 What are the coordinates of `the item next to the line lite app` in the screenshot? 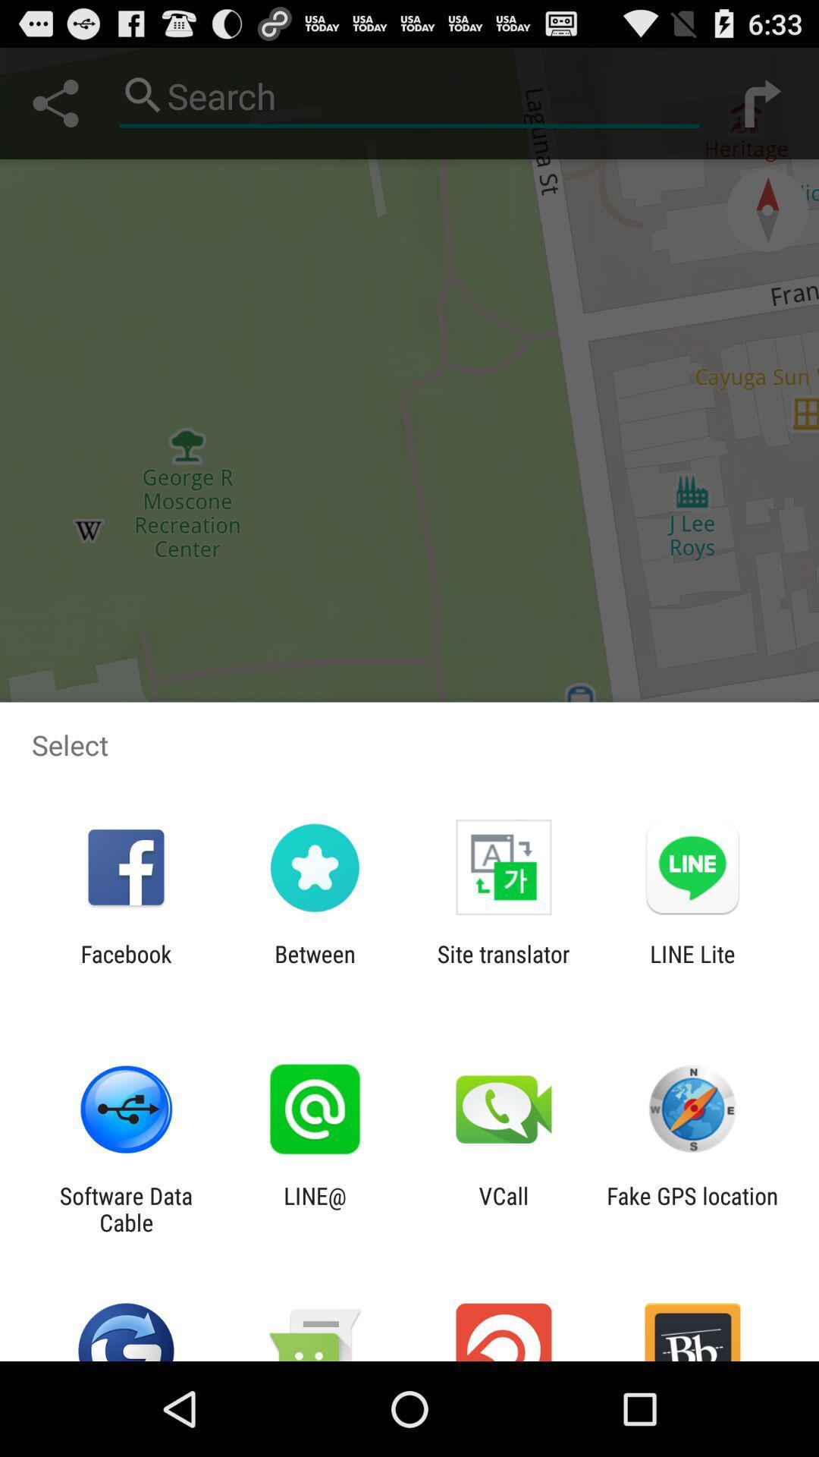 It's located at (504, 967).